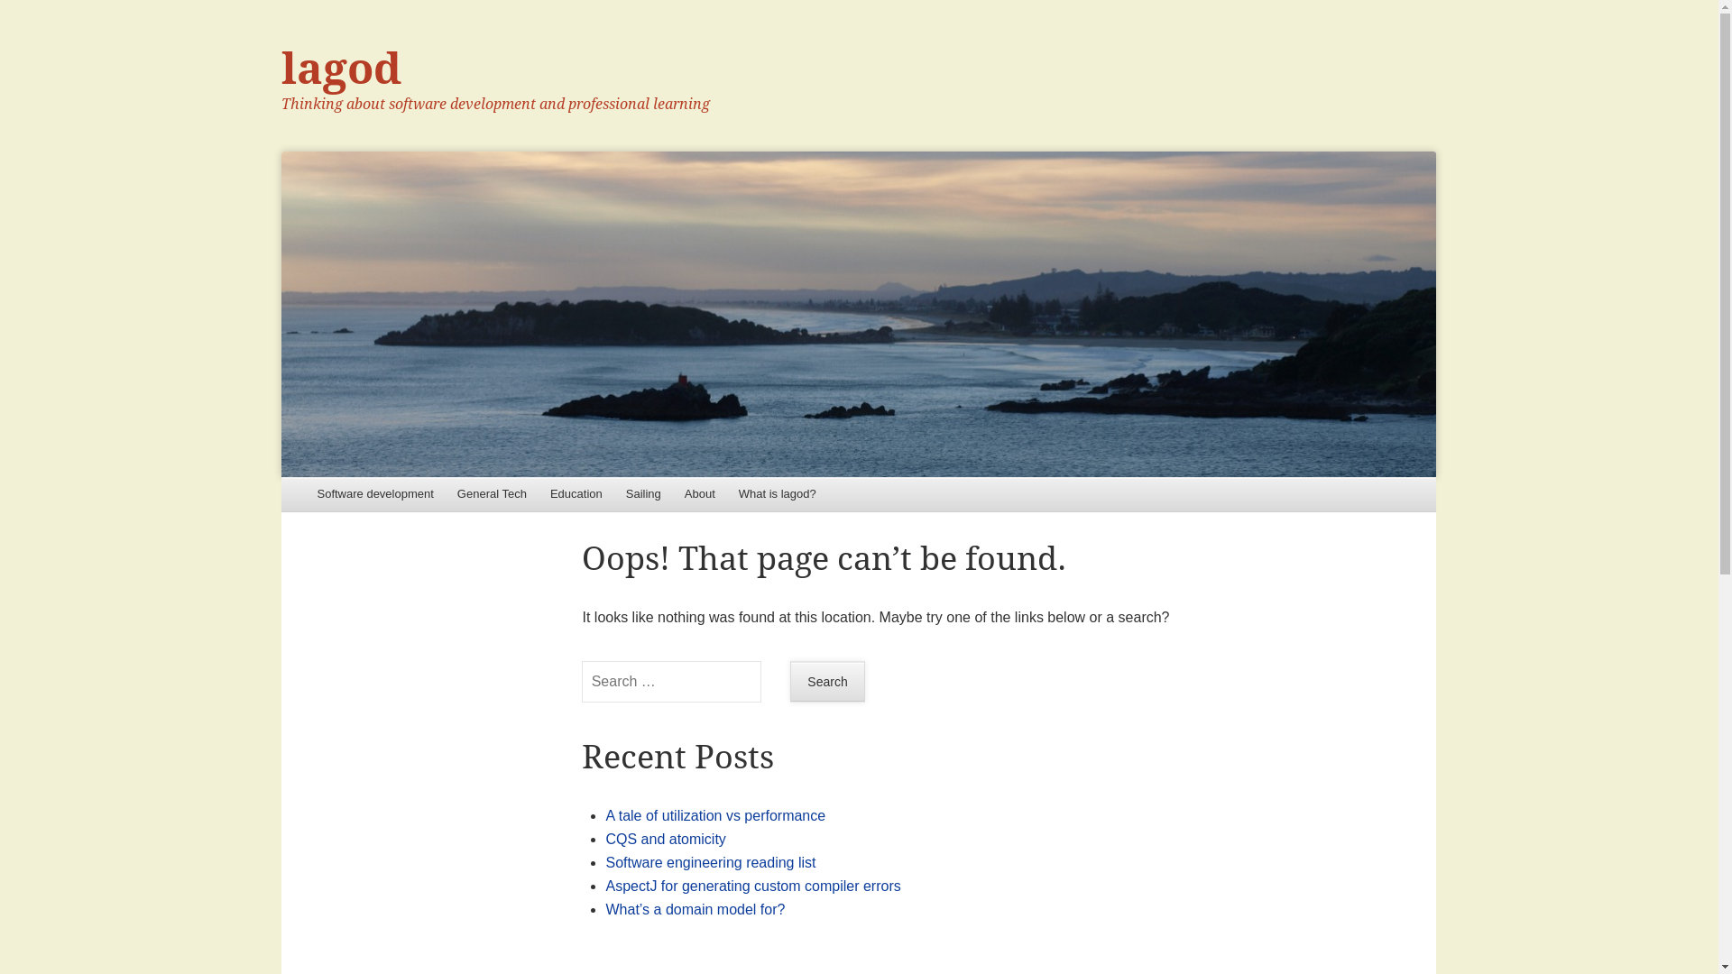 The image size is (1732, 974). I want to click on 'About', so click(699, 494).